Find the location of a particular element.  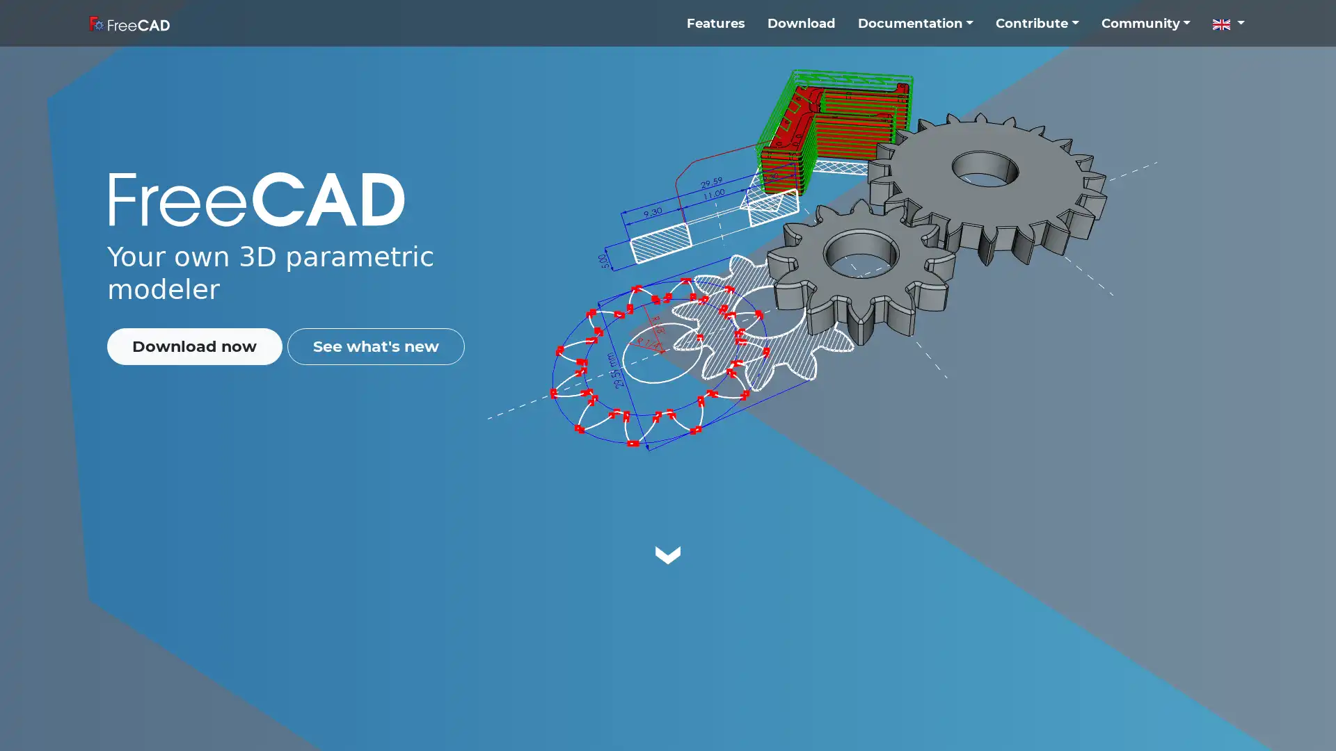

Download now is located at coordinates (193, 345).